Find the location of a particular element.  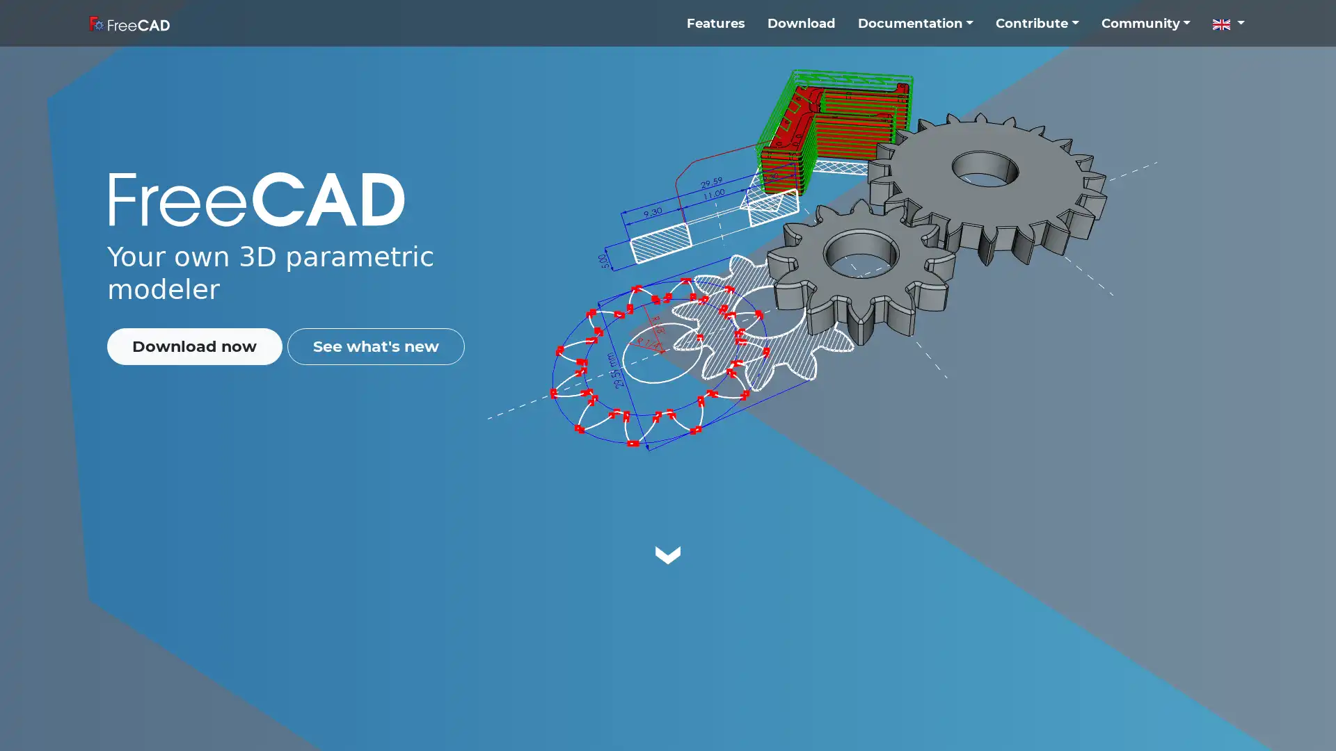

Download now is located at coordinates (193, 345).